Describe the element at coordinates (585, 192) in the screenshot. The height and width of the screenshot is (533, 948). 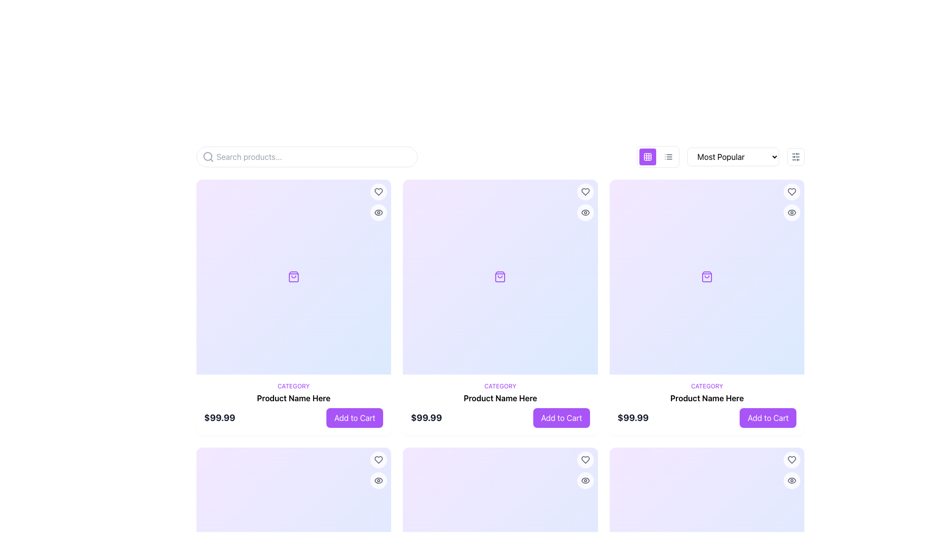
I see `the like icon located within a small circular button at the top-right corner of the second product card in the second row` at that location.